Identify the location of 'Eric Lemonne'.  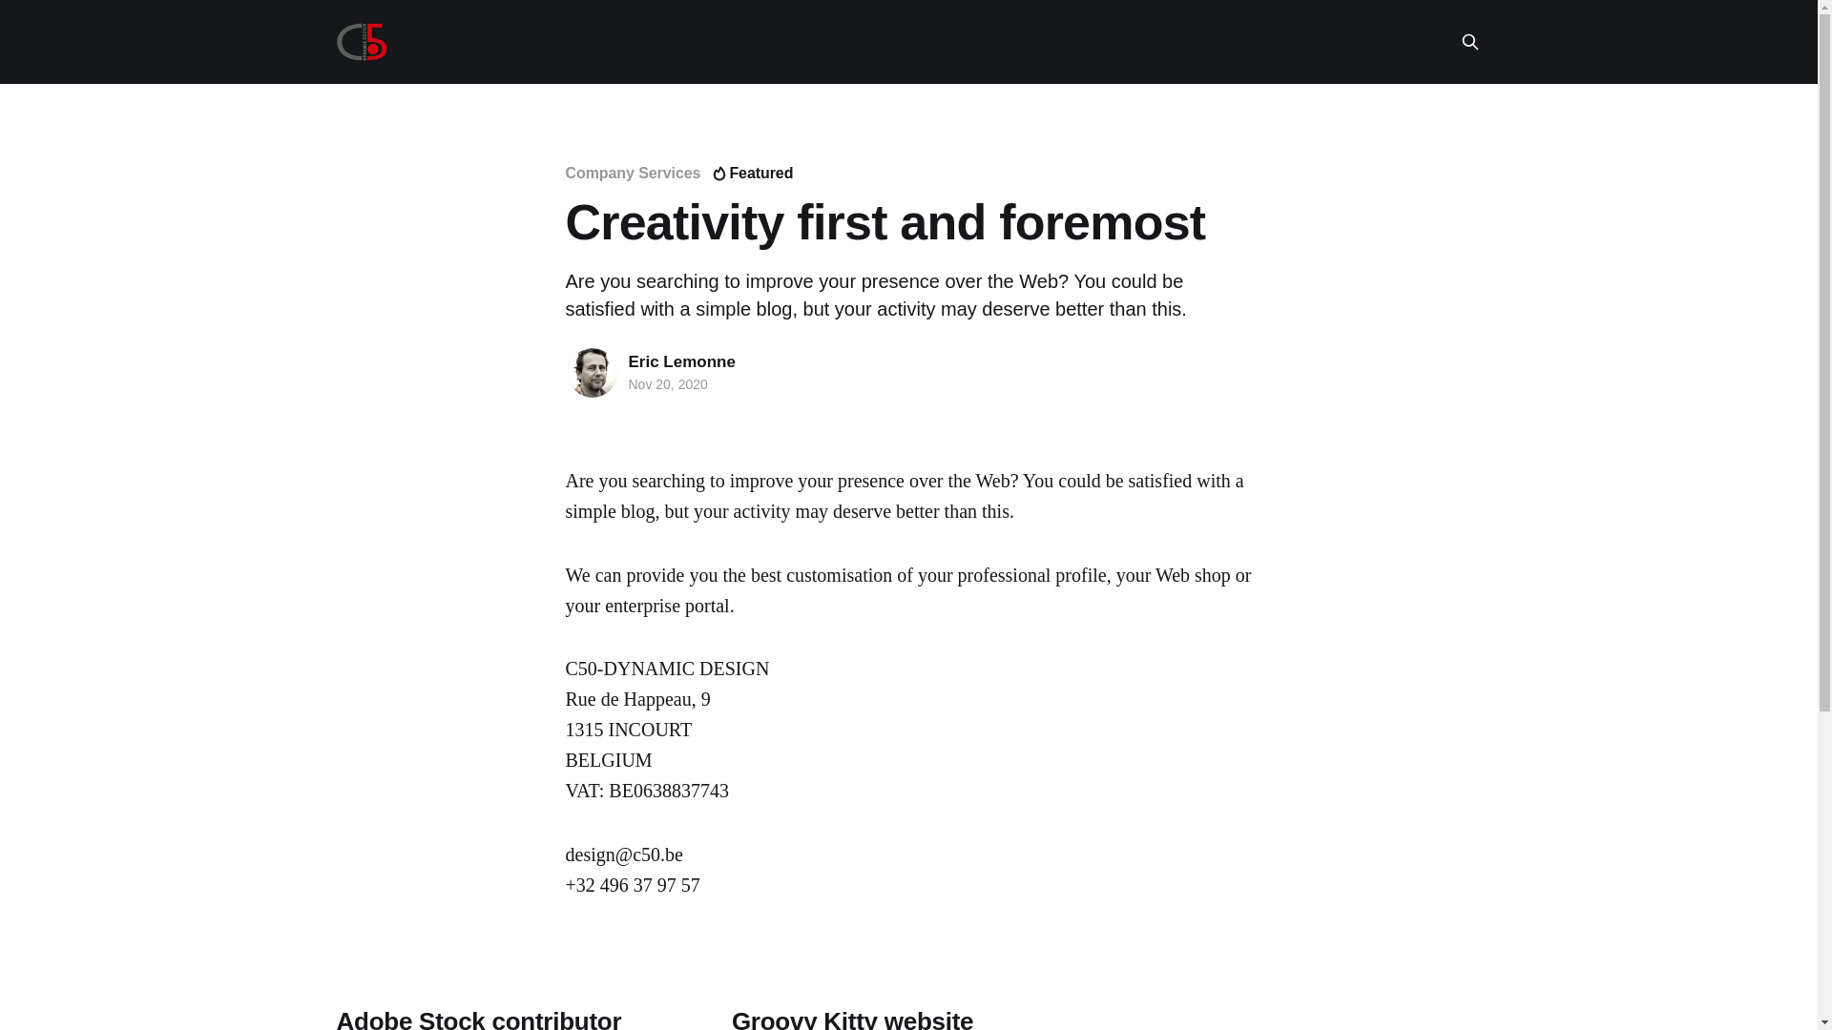
(627, 361).